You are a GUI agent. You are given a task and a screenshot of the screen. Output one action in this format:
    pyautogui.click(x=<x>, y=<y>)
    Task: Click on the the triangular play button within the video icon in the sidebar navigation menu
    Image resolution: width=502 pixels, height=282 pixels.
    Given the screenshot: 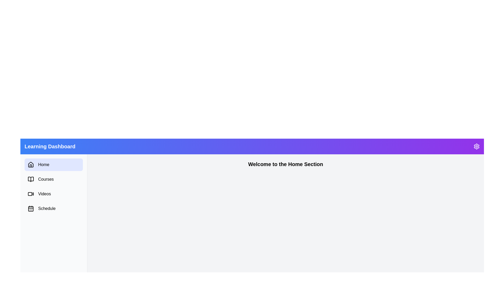 What is the action you would take?
    pyautogui.click(x=32, y=193)
    